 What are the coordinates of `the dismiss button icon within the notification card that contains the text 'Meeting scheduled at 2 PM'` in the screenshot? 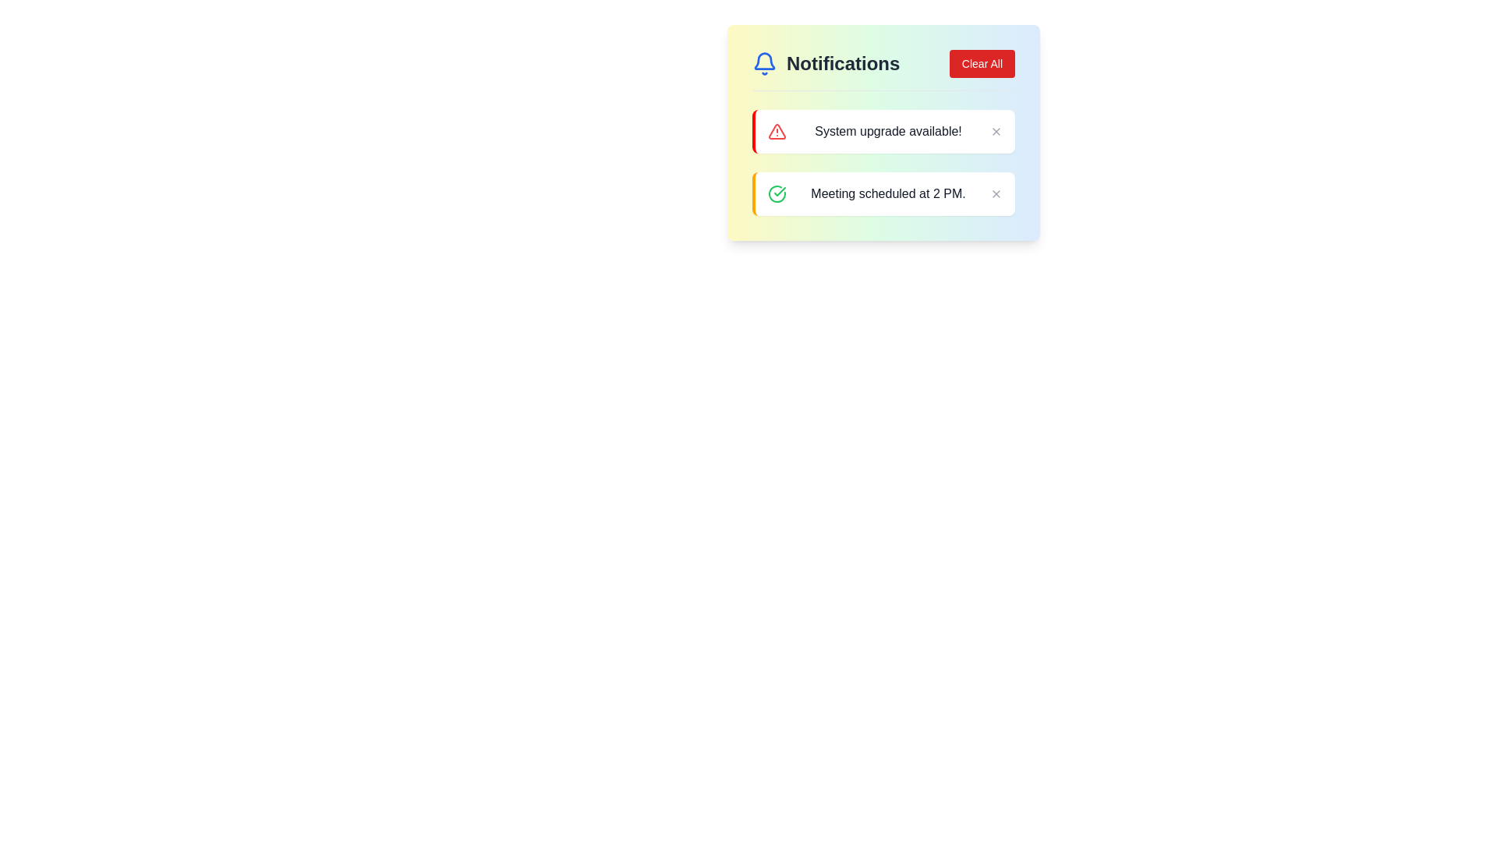 It's located at (995, 193).